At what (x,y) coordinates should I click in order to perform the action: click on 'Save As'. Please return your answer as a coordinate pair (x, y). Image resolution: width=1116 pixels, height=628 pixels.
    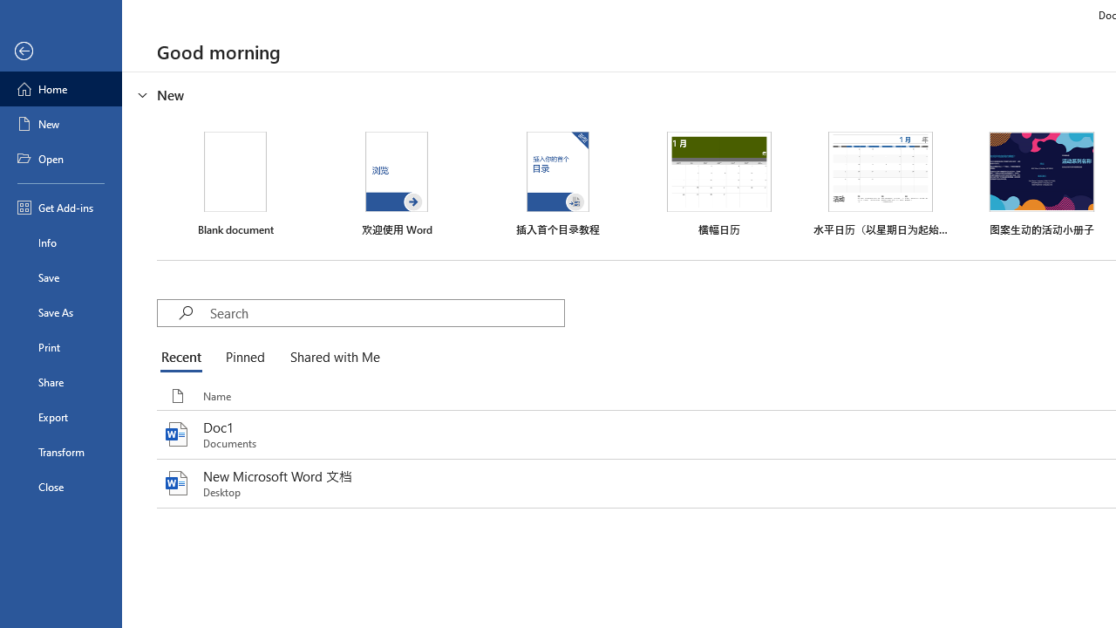
    Looking at the image, I should click on (60, 311).